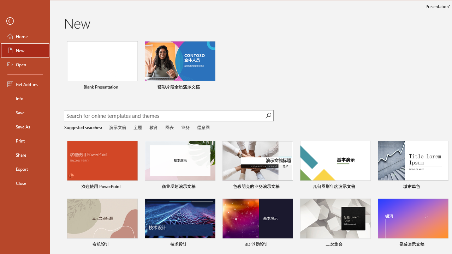  I want to click on 'Pin to list', so click(443, 245).